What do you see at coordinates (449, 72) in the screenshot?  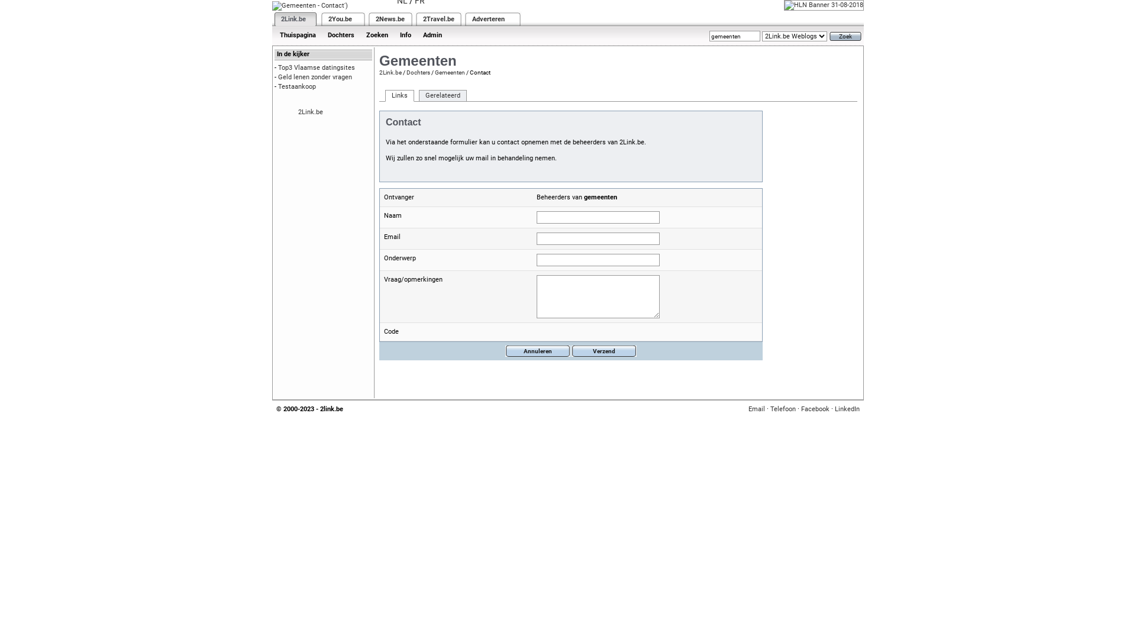 I see `'Gemeenten'` at bounding box center [449, 72].